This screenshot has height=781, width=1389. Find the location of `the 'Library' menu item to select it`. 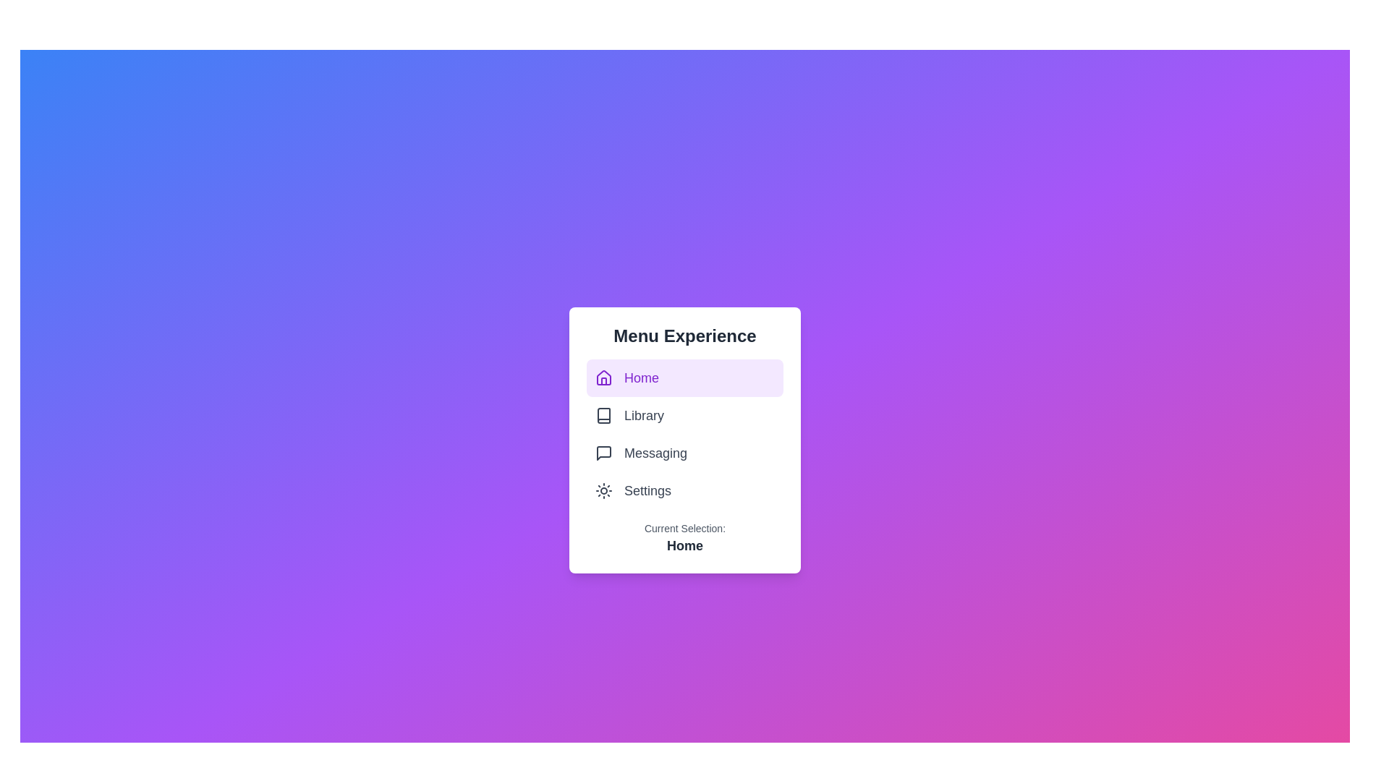

the 'Library' menu item to select it is located at coordinates (684, 415).